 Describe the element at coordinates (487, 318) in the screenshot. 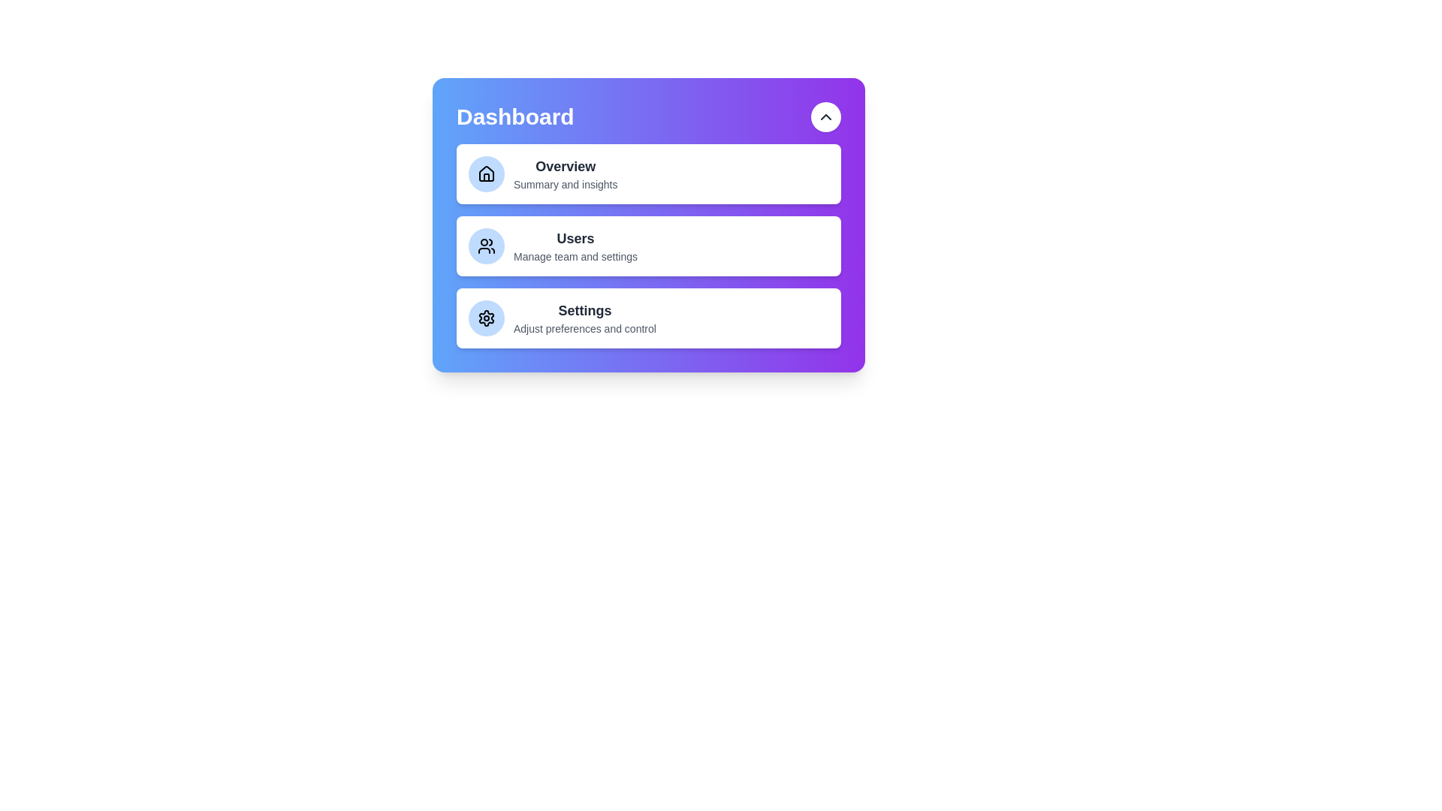

I see `the icon of the menu item labeled Settings` at that location.